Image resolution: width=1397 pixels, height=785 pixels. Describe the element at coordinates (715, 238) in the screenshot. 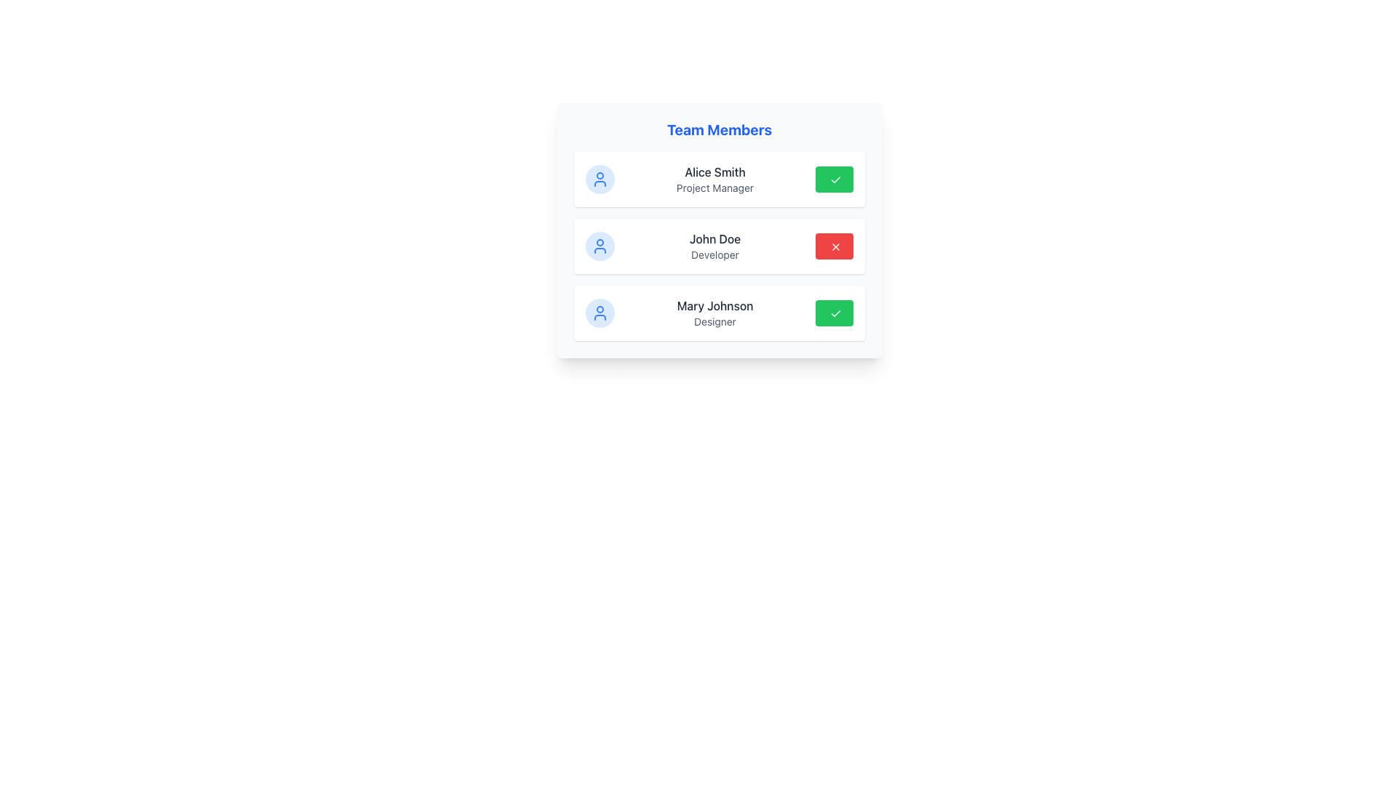

I see `the text label displaying 'Developer' in the second row of the 'Team Members' section, which serves as an identifier for a team member` at that location.